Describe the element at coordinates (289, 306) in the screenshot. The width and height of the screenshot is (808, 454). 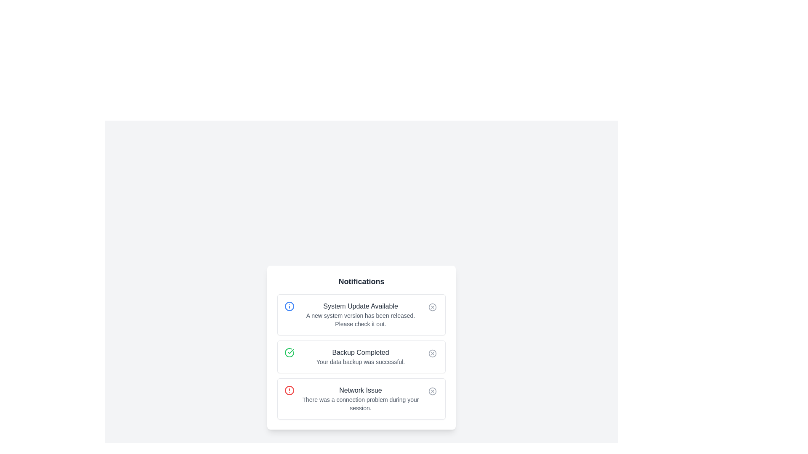
I see `the SVG Circle graphical element that indicates the type of notification in the notifications panel, which is positioned to the left of the 'System Update Available' notification title` at that location.